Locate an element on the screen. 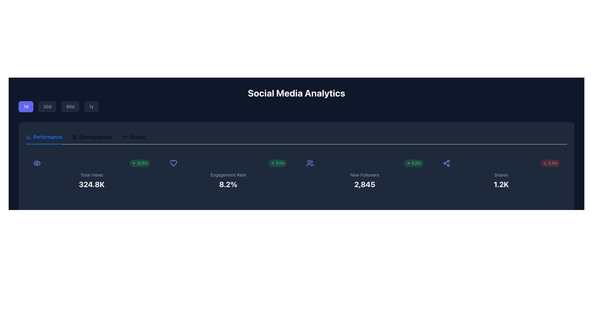 The image size is (593, 334). the green status badge displaying '5.2%' which indicates a positive metric, located near the 'New Followers' label and to the left of the 'Shares' label is located at coordinates (414, 163).